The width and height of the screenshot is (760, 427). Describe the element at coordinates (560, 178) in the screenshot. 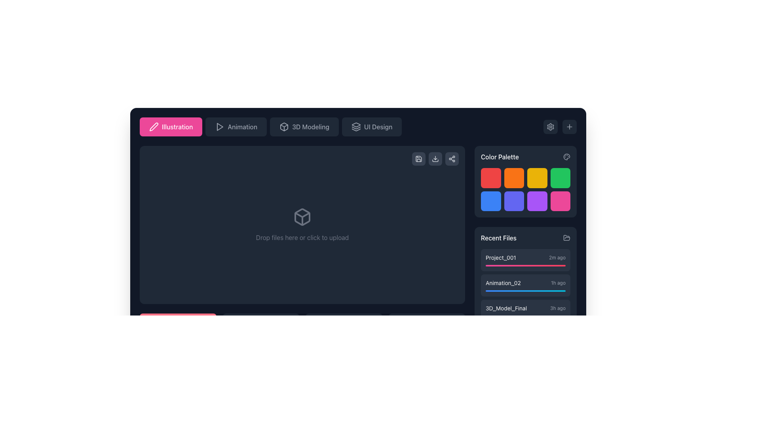

I see `the selectable green color square located in the rightmost column of the first row of the grid in the top section of the sidebar to observe the hover effect` at that location.